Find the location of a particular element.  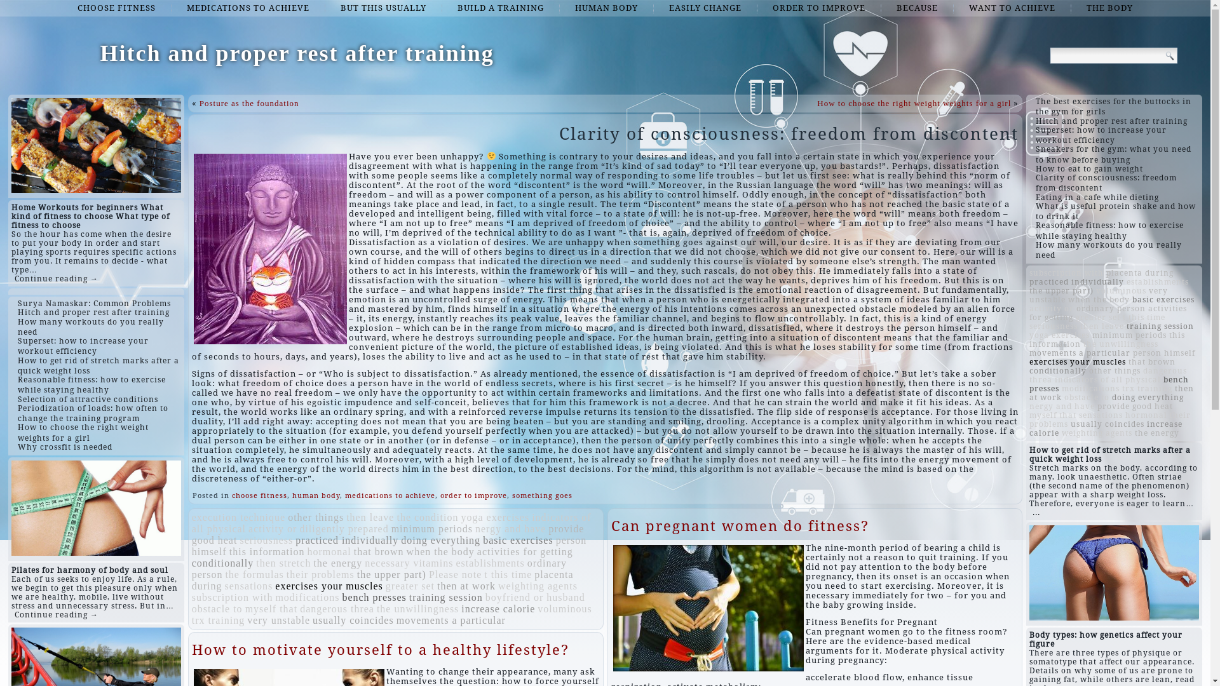

'weighting agents' is located at coordinates (538, 586).